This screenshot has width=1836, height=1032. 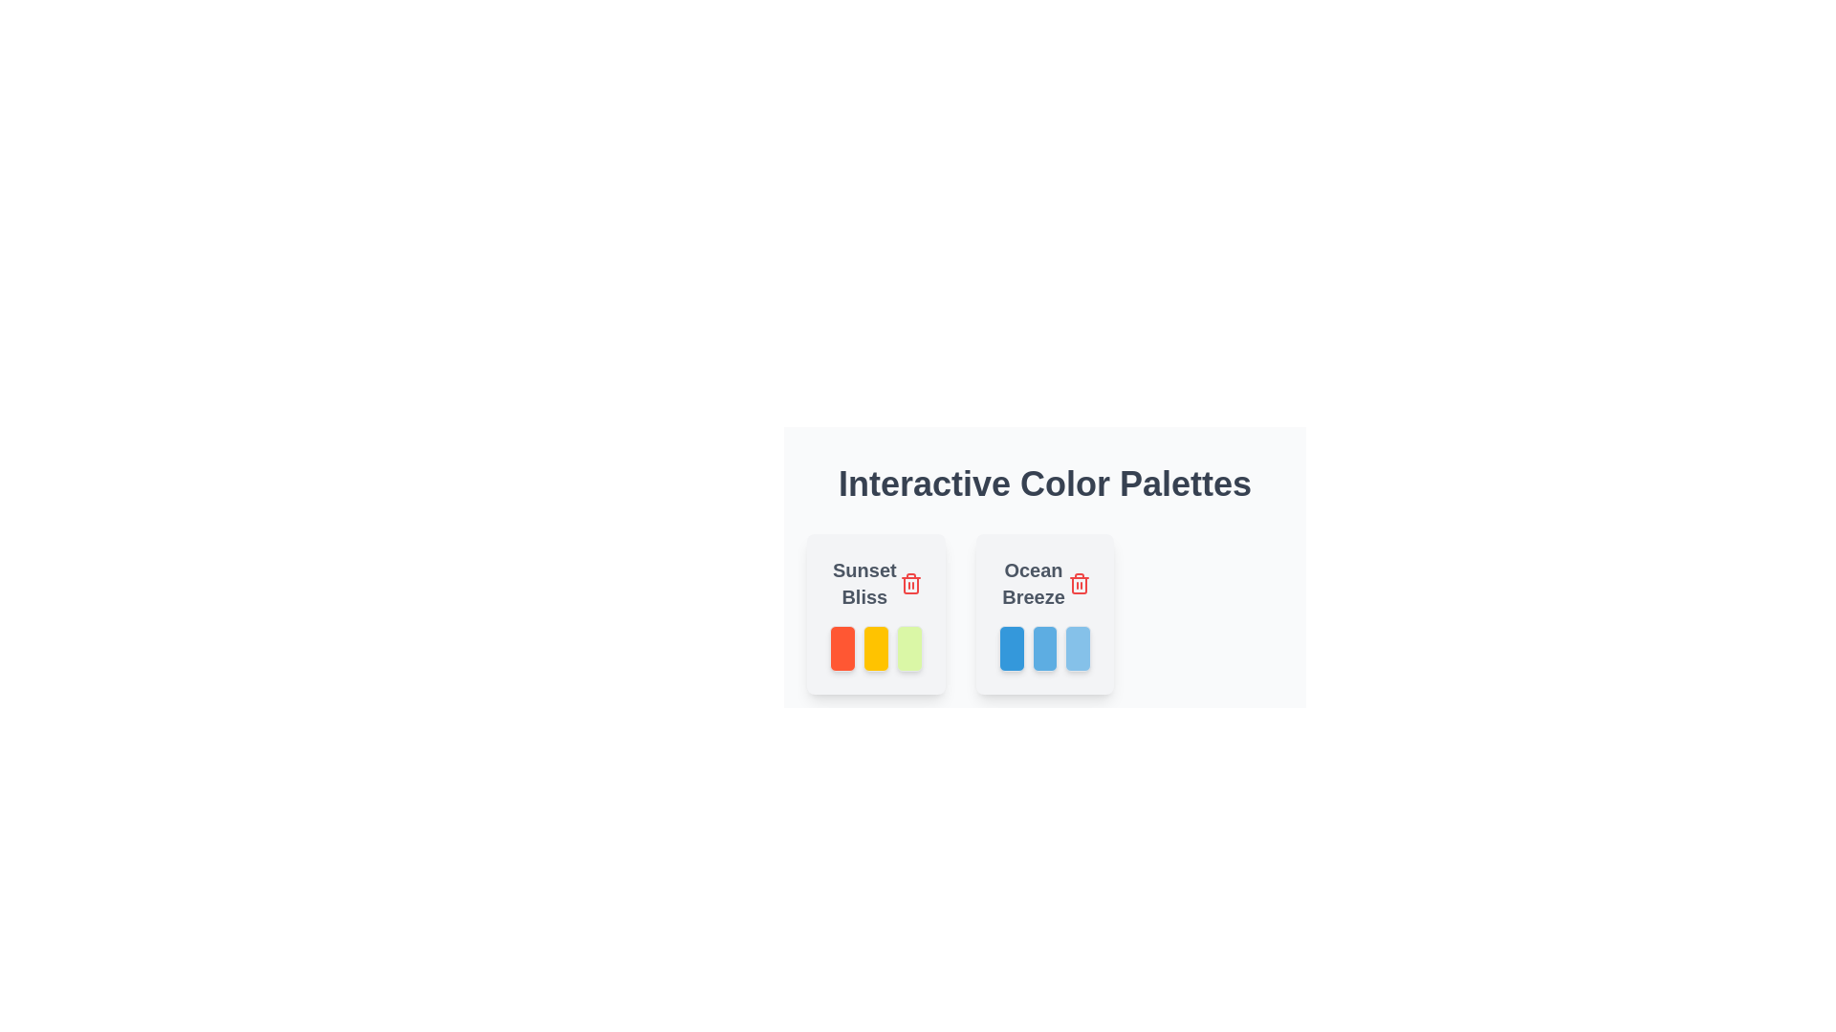 I want to click on the text content of the element displaying 'Ocean Breeze' in bold gray font, located in the upper section of the card next to the trash can icon, so click(x=1044, y=582).